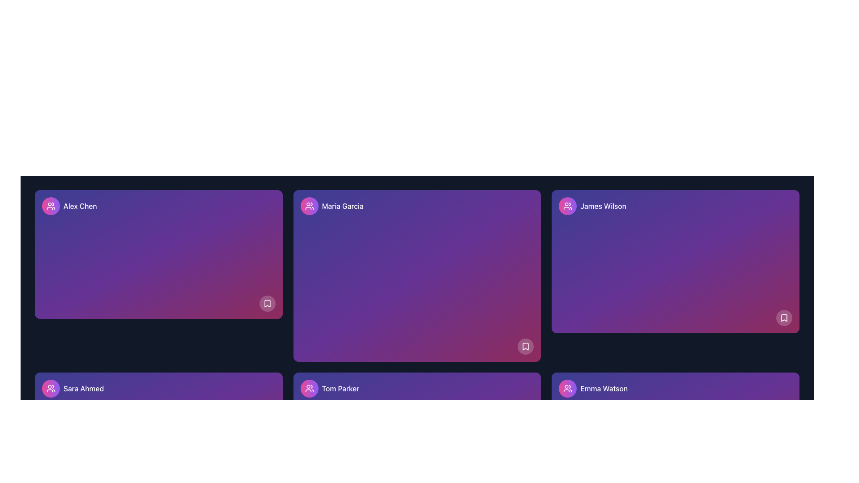 This screenshot has height=483, width=859. Describe the element at coordinates (51, 388) in the screenshot. I see `the circular icon with a gradient background and white user silhouettes, located next to the name text in the card labeled 'Sara Ahmed'` at that location.